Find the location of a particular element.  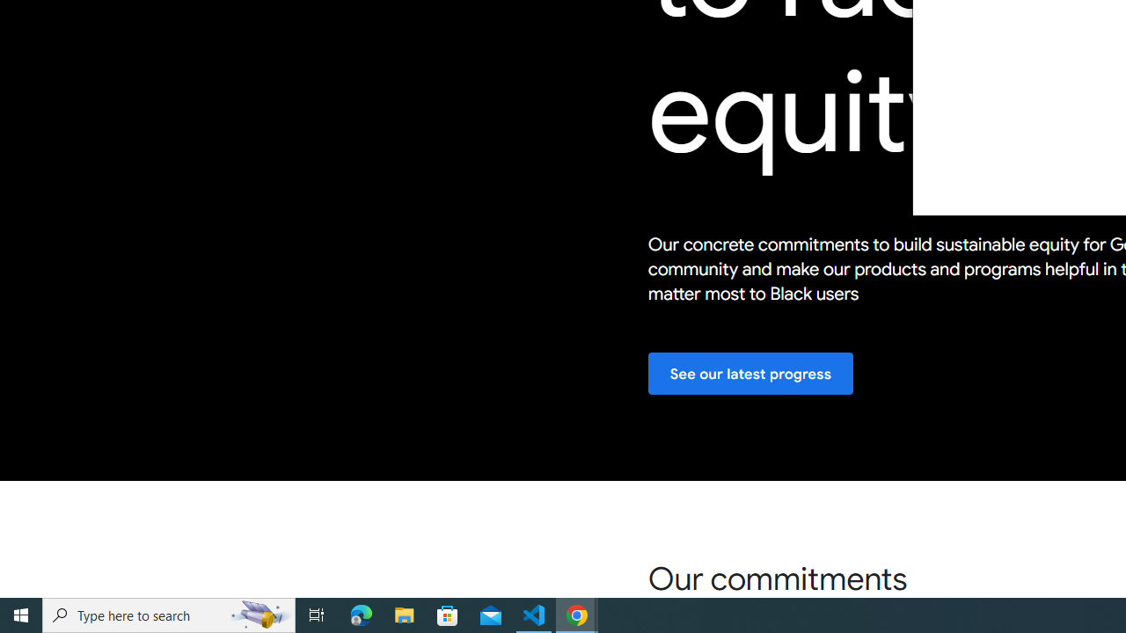

'File Explorer' is located at coordinates (404, 614).